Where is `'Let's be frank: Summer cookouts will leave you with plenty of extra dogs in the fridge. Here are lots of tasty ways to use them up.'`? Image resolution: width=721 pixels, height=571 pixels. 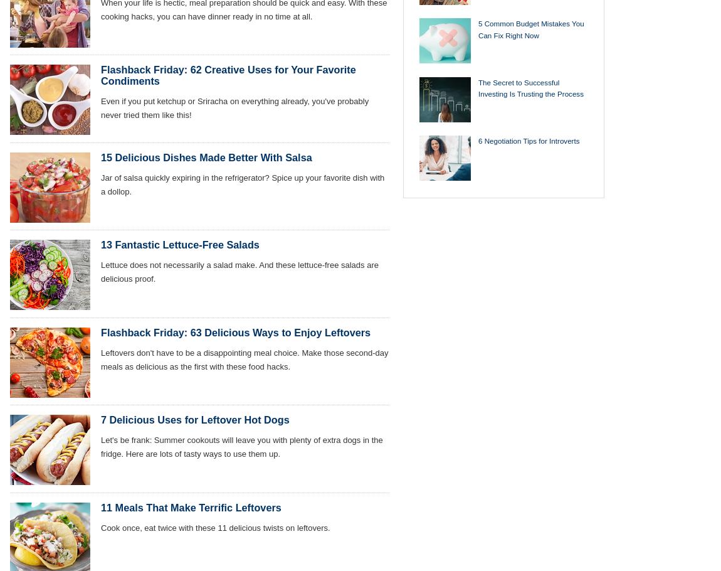
'Let's be frank: Summer cookouts will leave you with plenty of extra dogs in the fridge. Here are lots of tasty ways to use them up.' is located at coordinates (241, 447).